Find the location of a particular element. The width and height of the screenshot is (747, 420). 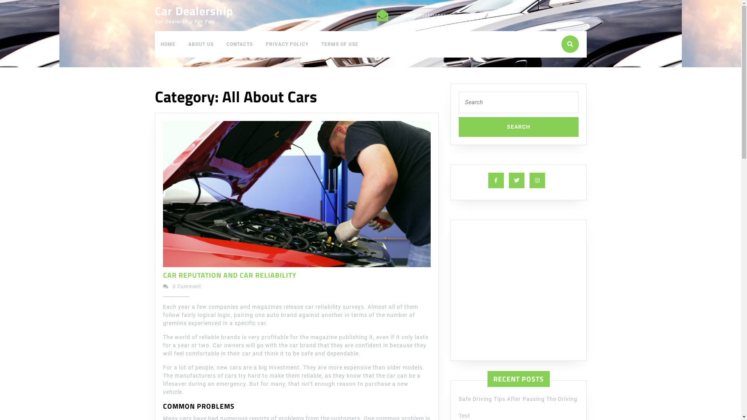

'HOME' is located at coordinates (168, 44).